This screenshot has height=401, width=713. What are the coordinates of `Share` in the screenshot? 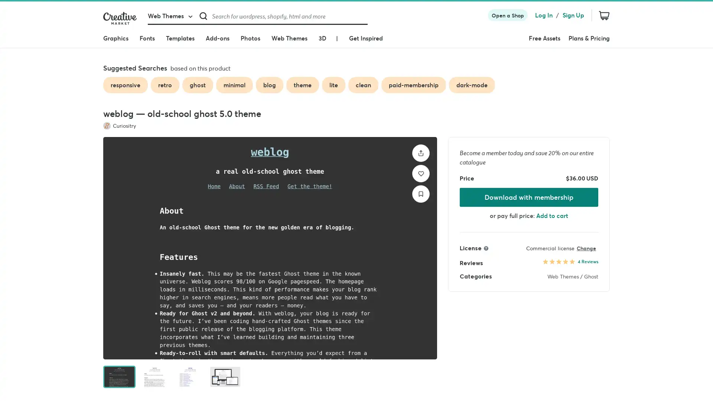 It's located at (421, 152).